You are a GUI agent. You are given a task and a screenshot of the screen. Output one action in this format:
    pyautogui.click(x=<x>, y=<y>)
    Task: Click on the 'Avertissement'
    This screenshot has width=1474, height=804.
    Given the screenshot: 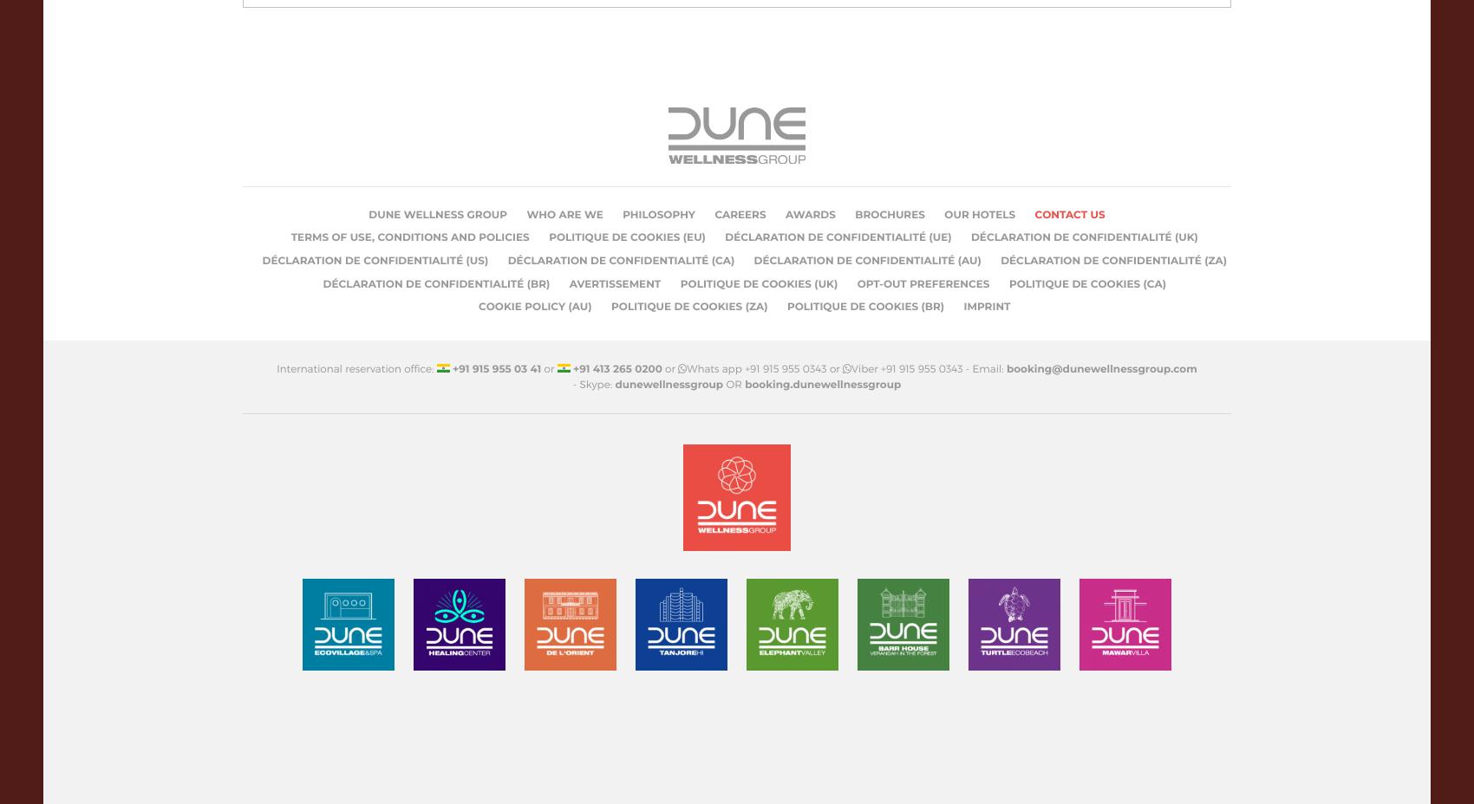 What is the action you would take?
    pyautogui.click(x=615, y=282)
    